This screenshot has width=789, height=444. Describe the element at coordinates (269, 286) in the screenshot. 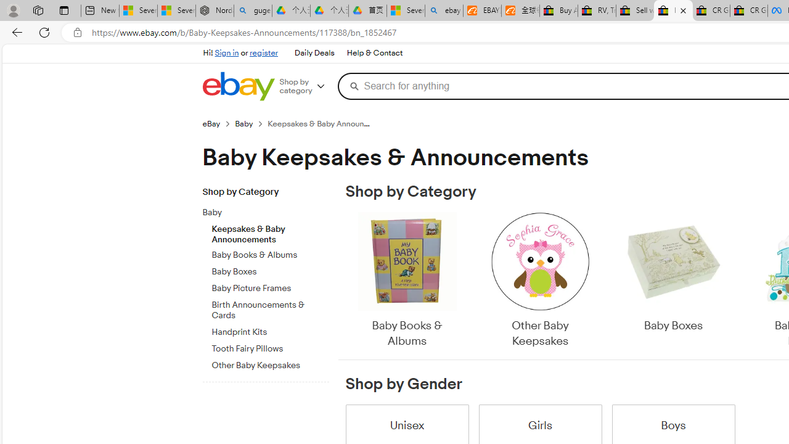

I see `'Baby Picture Frames'` at that location.